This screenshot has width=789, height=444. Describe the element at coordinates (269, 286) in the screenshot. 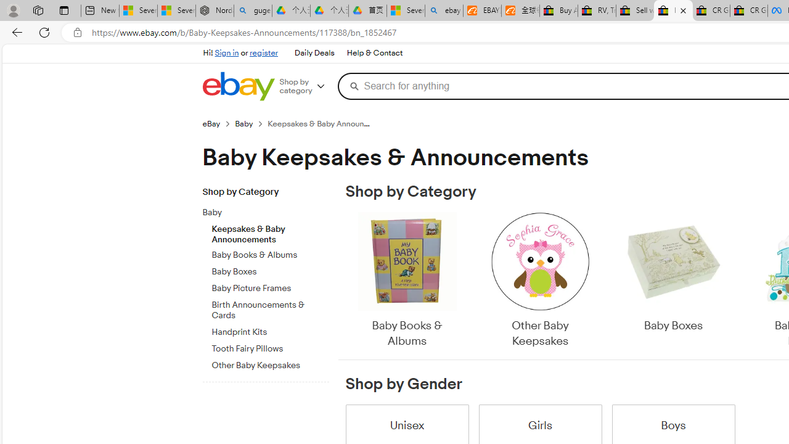

I see `'Baby Picture Frames'` at that location.